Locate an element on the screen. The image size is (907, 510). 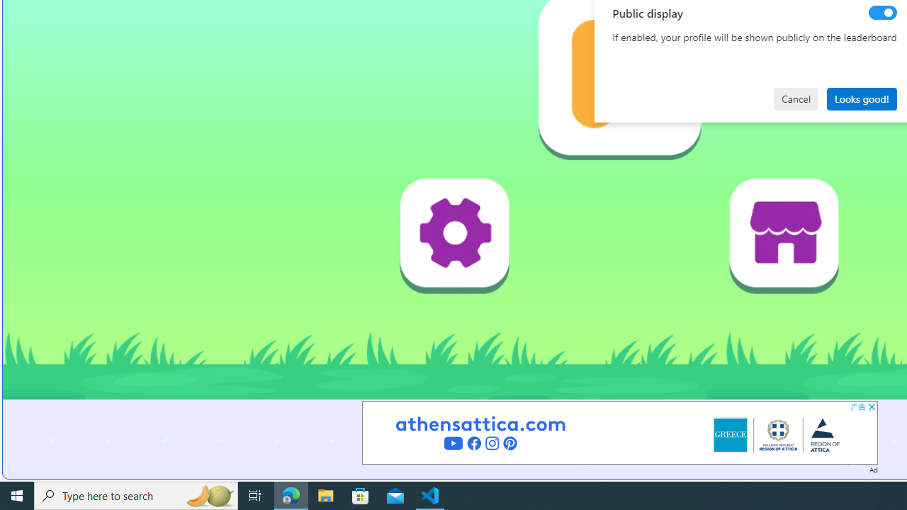
'Ad' is located at coordinates (872, 469).